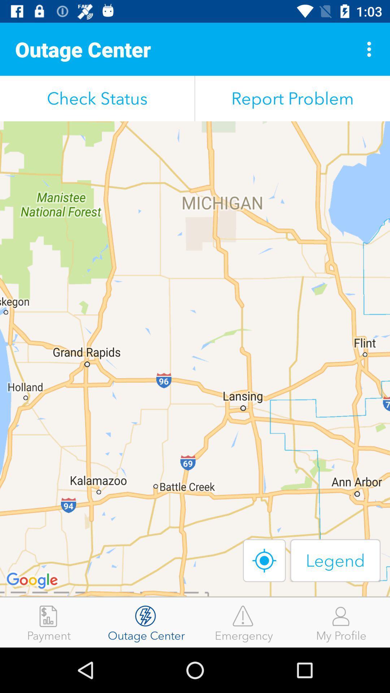 The width and height of the screenshot is (390, 693). Describe the element at coordinates (335, 560) in the screenshot. I see `the icon below report problem icon` at that location.